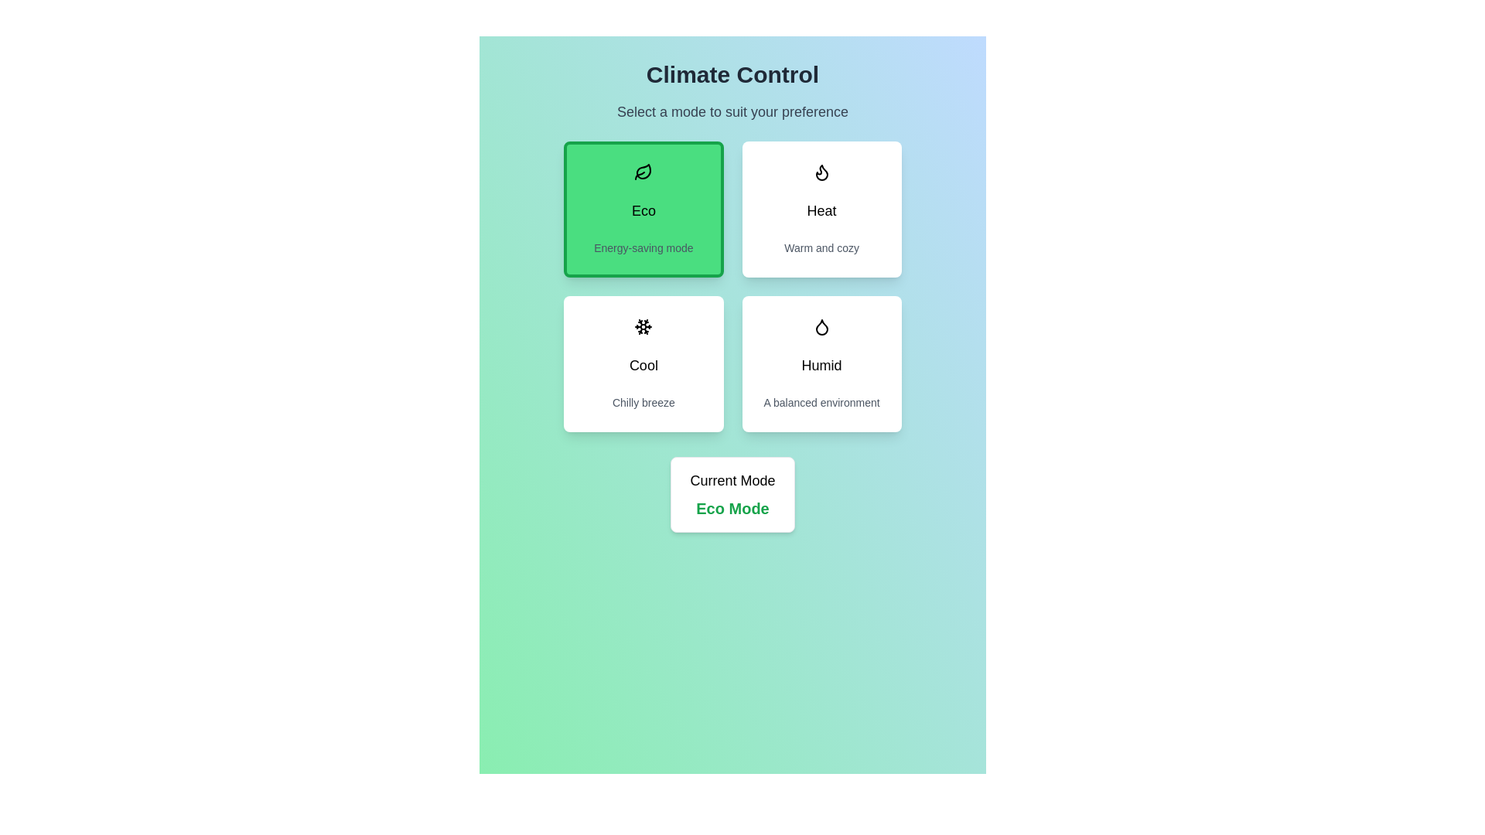 This screenshot has width=1485, height=835. Describe the element at coordinates (821, 209) in the screenshot. I see `the mode Heat by clicking on the respective button` at that location.